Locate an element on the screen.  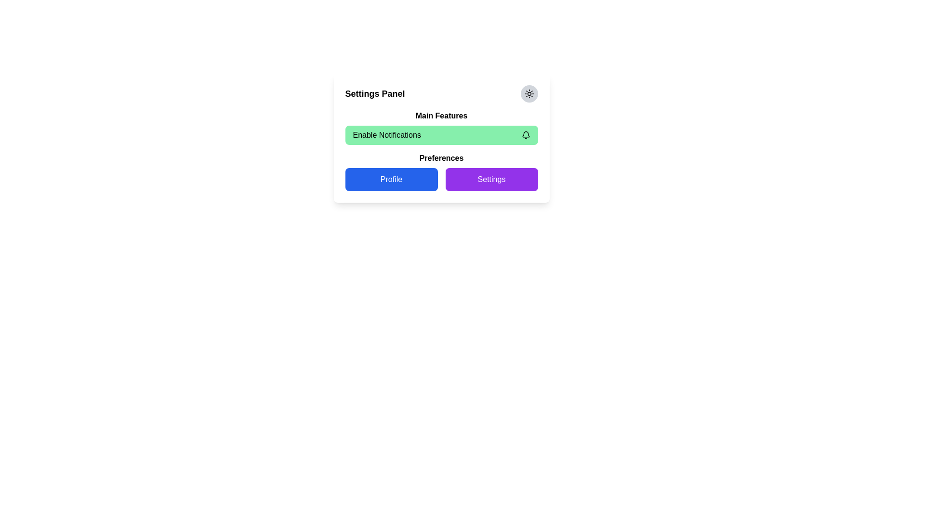
title text element located at the top-left corner of the card interface, which serves as a header indicating the purpose or content of the section is located at coordinates (374, 94).